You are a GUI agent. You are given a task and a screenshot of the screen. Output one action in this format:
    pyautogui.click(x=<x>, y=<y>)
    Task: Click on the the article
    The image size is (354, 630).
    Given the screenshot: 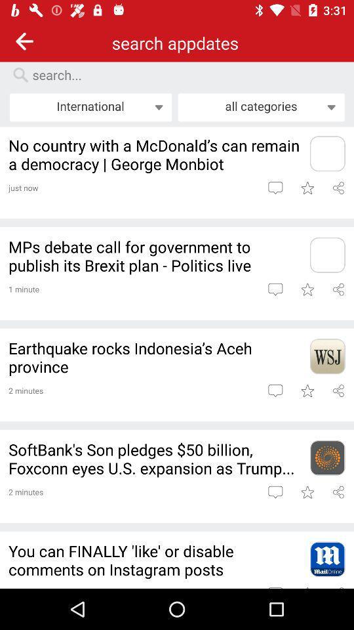 What is the action you would take?
    pyautogui.click(x=307, y=491)
    